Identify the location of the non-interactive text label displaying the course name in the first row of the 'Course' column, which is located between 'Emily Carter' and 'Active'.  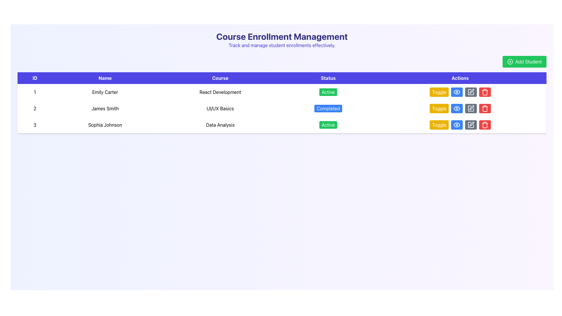
(220, 92).